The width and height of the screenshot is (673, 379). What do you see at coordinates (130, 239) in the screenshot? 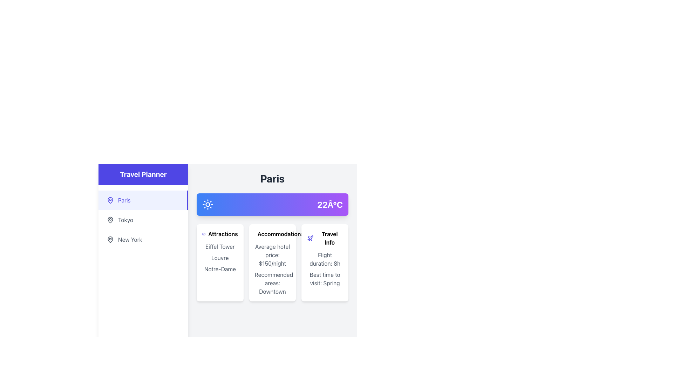
I see `the 'New York' text label in the sidebar under 'Travel Planner'` at bounding box center [130, 239].